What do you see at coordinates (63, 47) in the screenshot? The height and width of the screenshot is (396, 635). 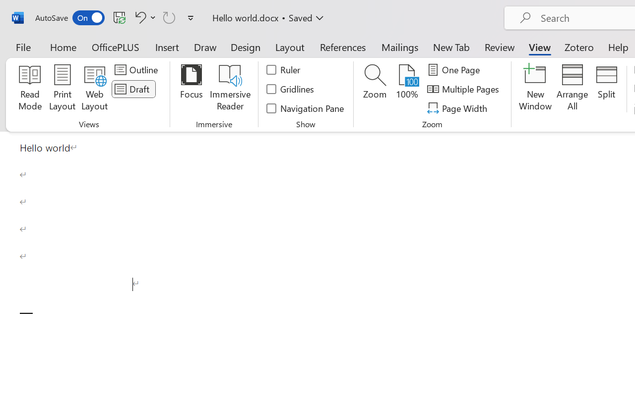 I see `'Home'` at bounding box center [63, 47].